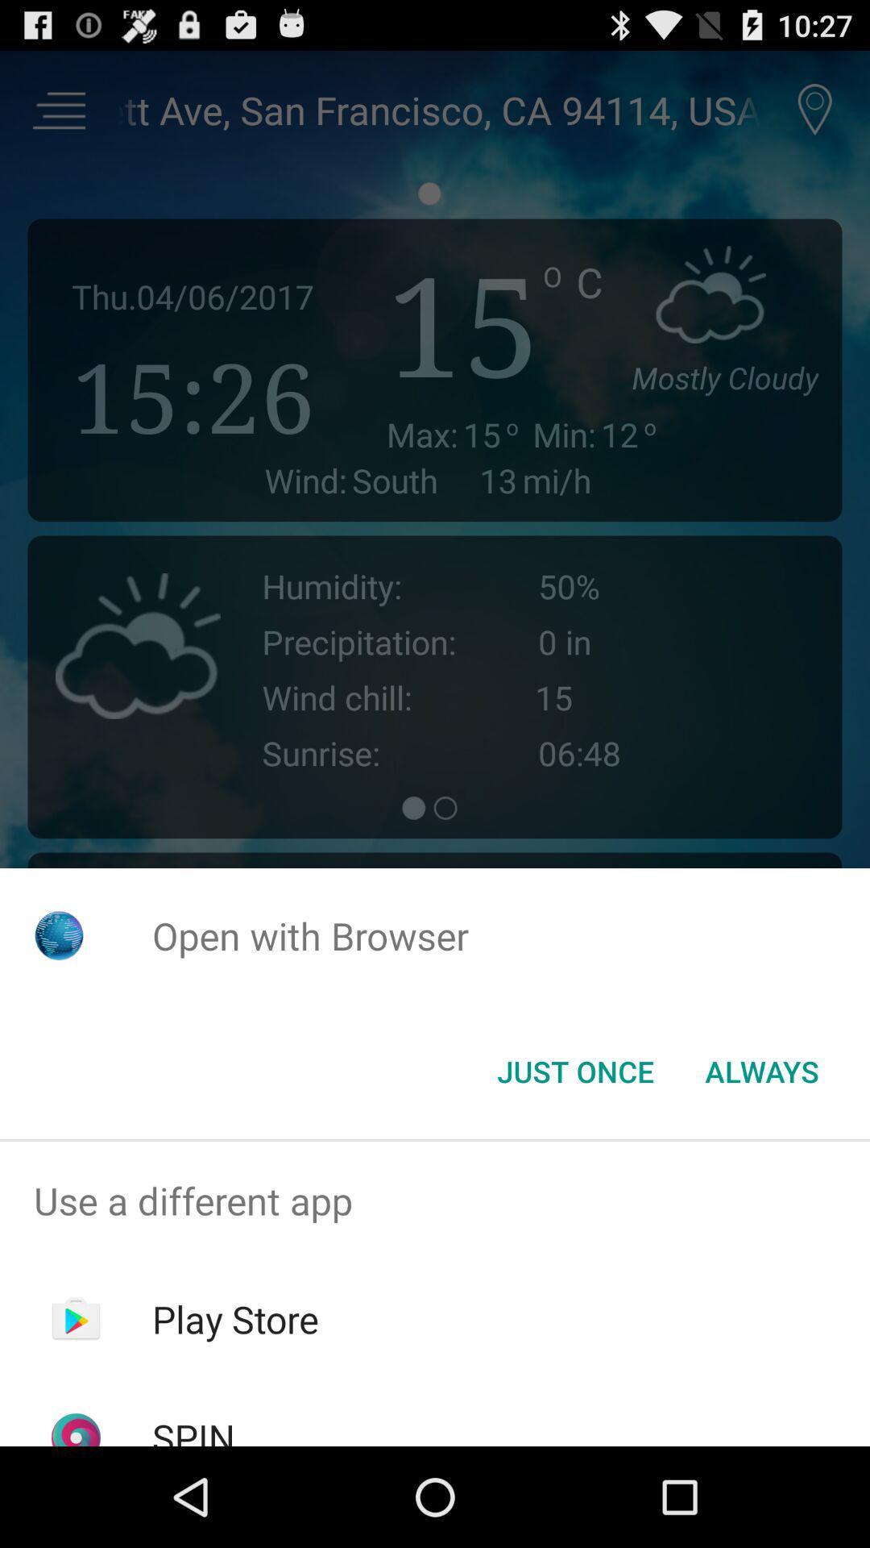 This screenshot has width=870, height=1548. I want to click on the just once item, so click(574, 1072).